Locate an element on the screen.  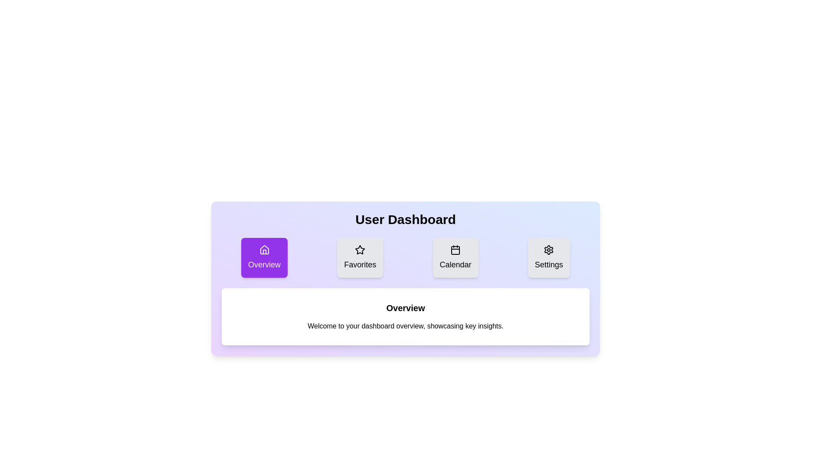
the Settings tab to view its content is located at coordinates (548, 257).